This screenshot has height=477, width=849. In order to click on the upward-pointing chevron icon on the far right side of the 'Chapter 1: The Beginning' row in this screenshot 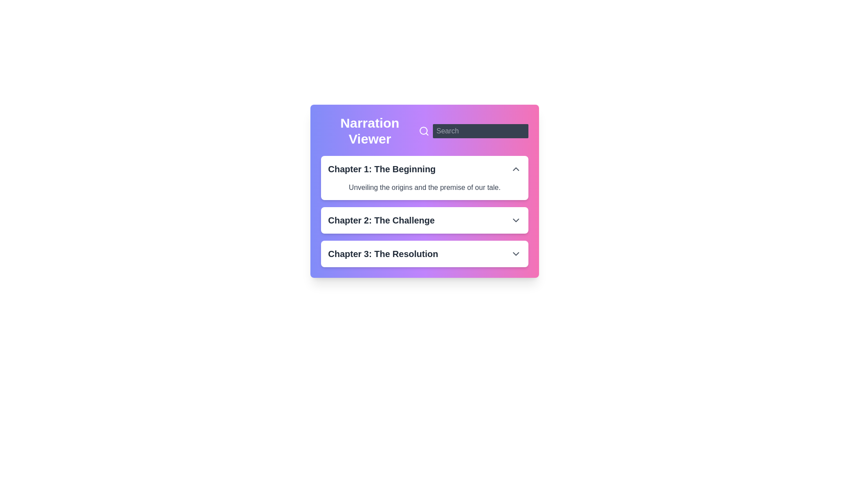, I will do `click(516, 169)`.